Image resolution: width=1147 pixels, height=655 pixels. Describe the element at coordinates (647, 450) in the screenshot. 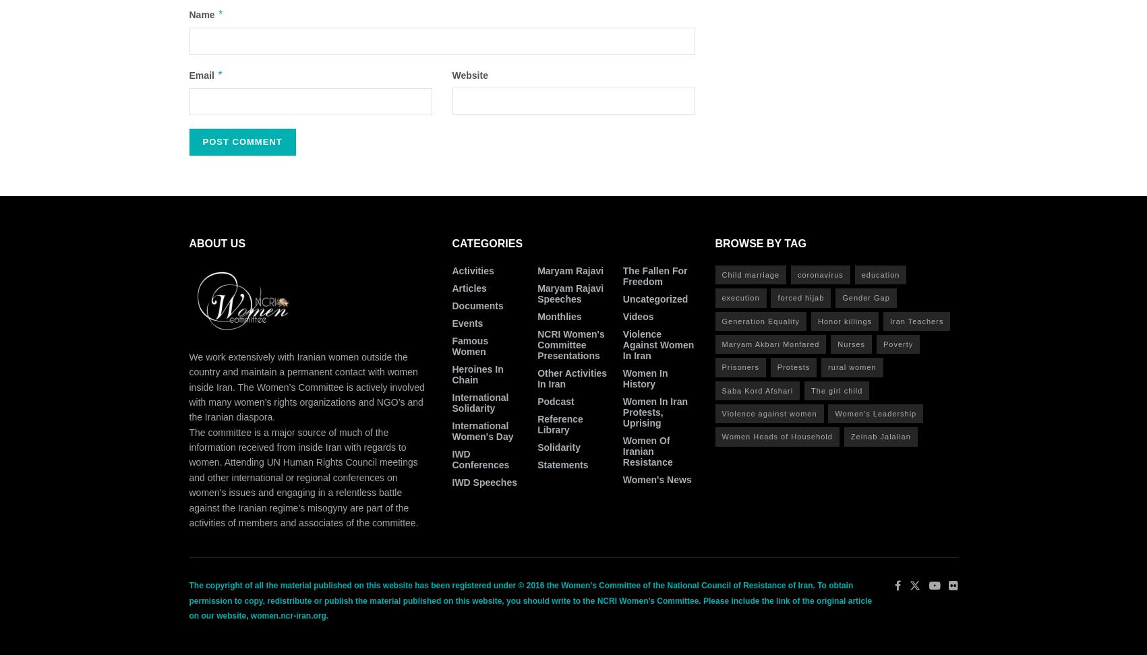

I see `'Women of Iranian Resistance'` at that location.